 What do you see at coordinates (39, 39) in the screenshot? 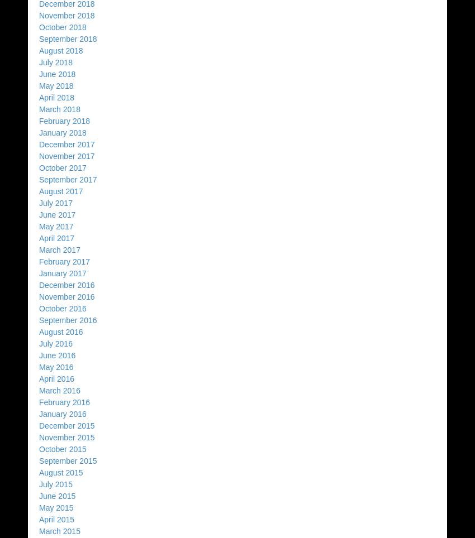
I see `'September 2018'` at bounding box center [39, 39].